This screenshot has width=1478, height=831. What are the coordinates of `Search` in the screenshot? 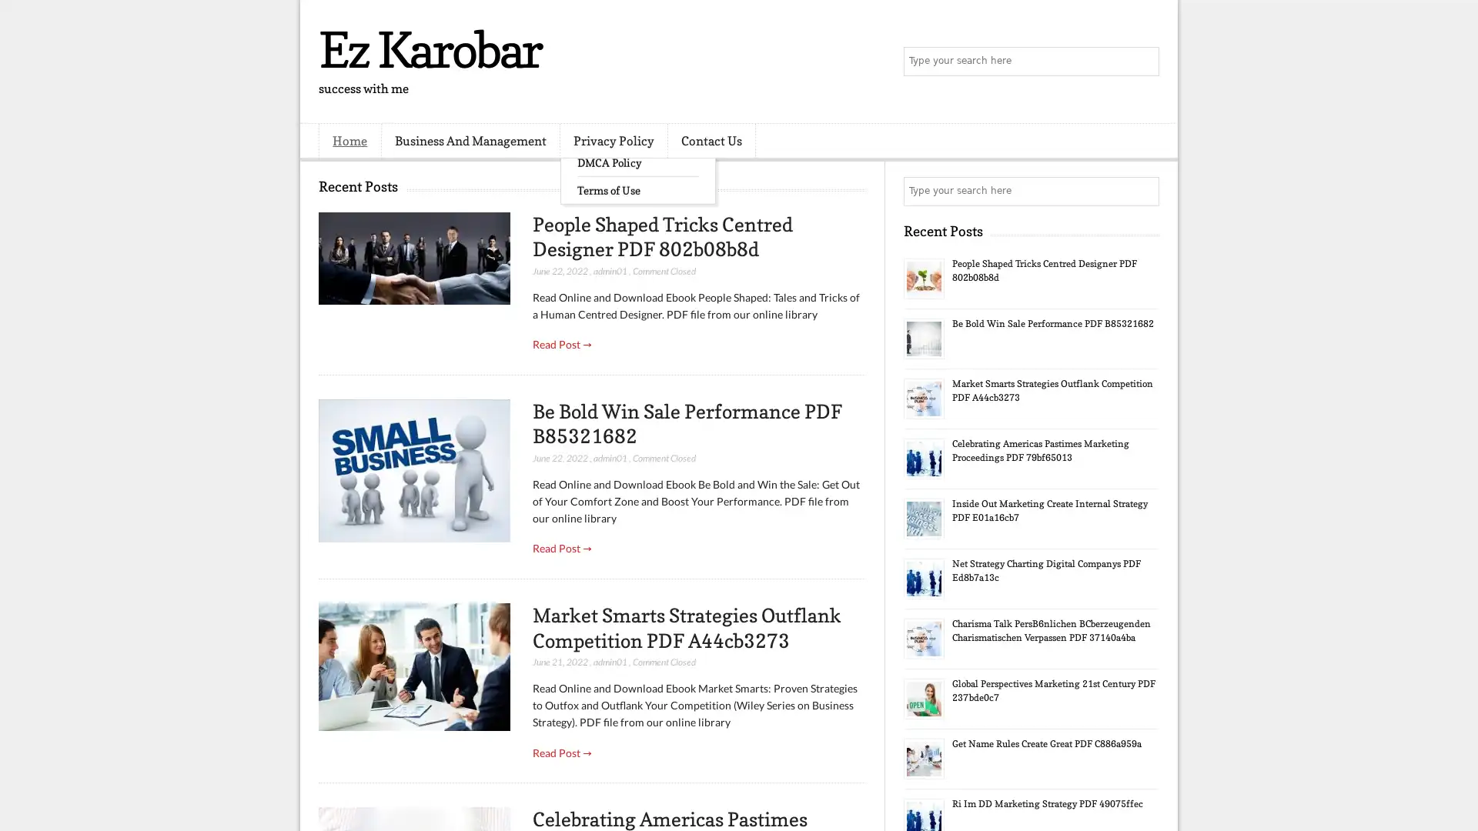 It's located at (1143, 191).